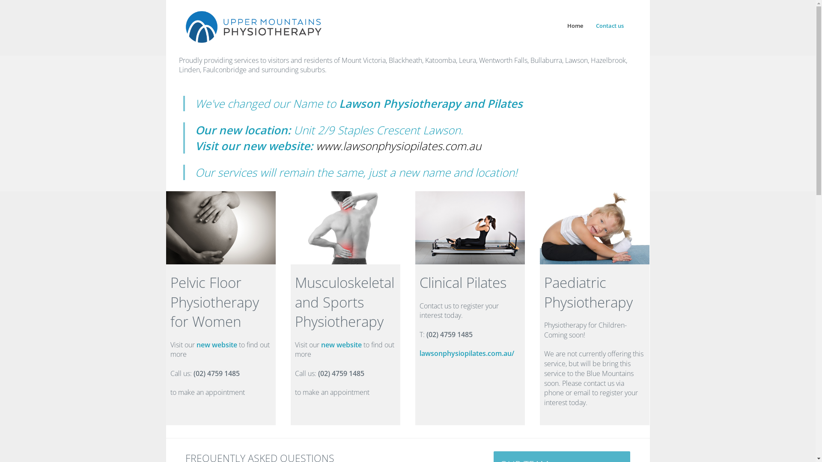 The width and height of the screenshot is (822, 462). What do you see at coordinates (398, 145) in the screenshot?
I see `'www.lawsonphysiopilates.com.au'` at bounding box center [398, 145].